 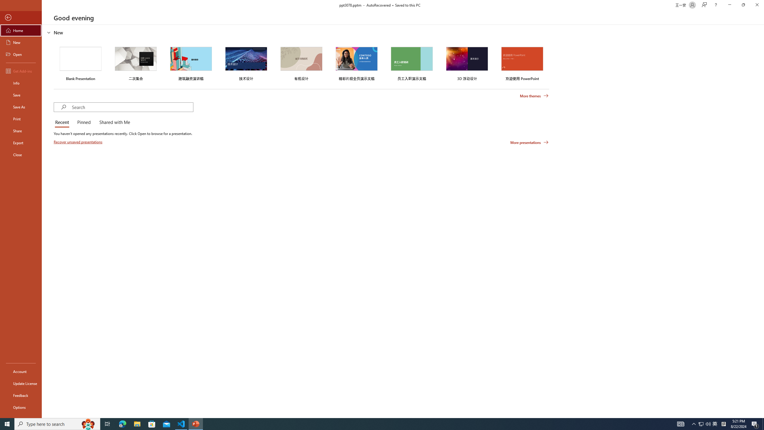 What do you see at coordinates (529, 142) in the screenshot?
I see `'More presentations'` at bounding box center [529, 142].